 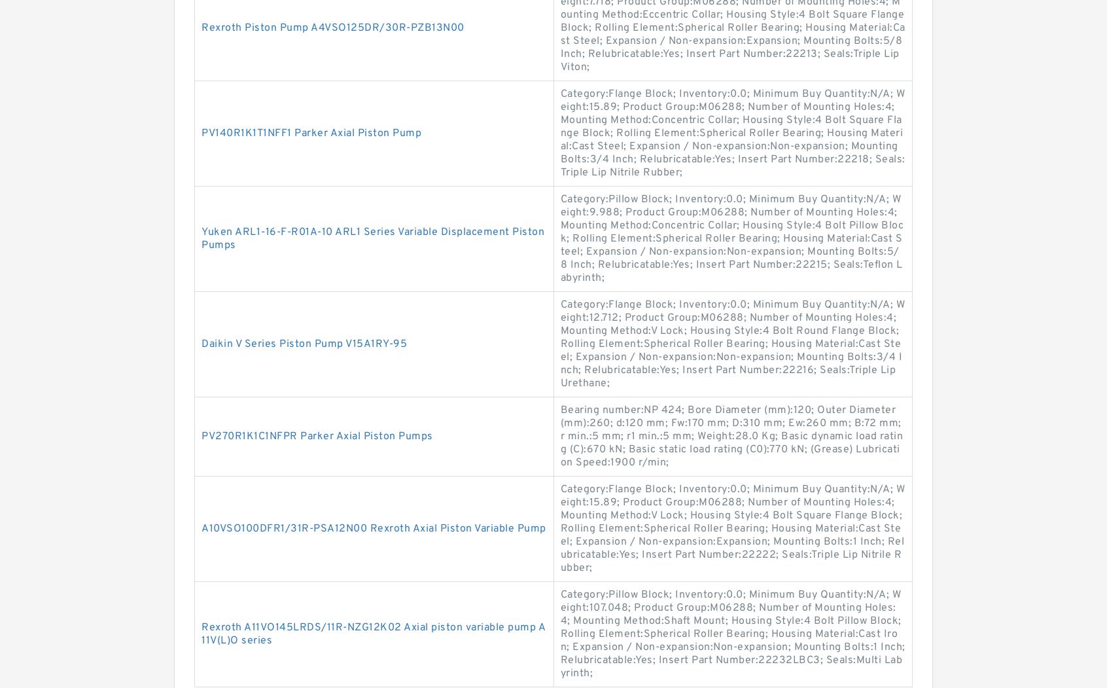 What do you see at coordinates (332, 27) in the screenshot?
I see `'Rexroth Piston Pump A4VSO125DR/30R-PZB13N00'` at bounding box center [332, 27].